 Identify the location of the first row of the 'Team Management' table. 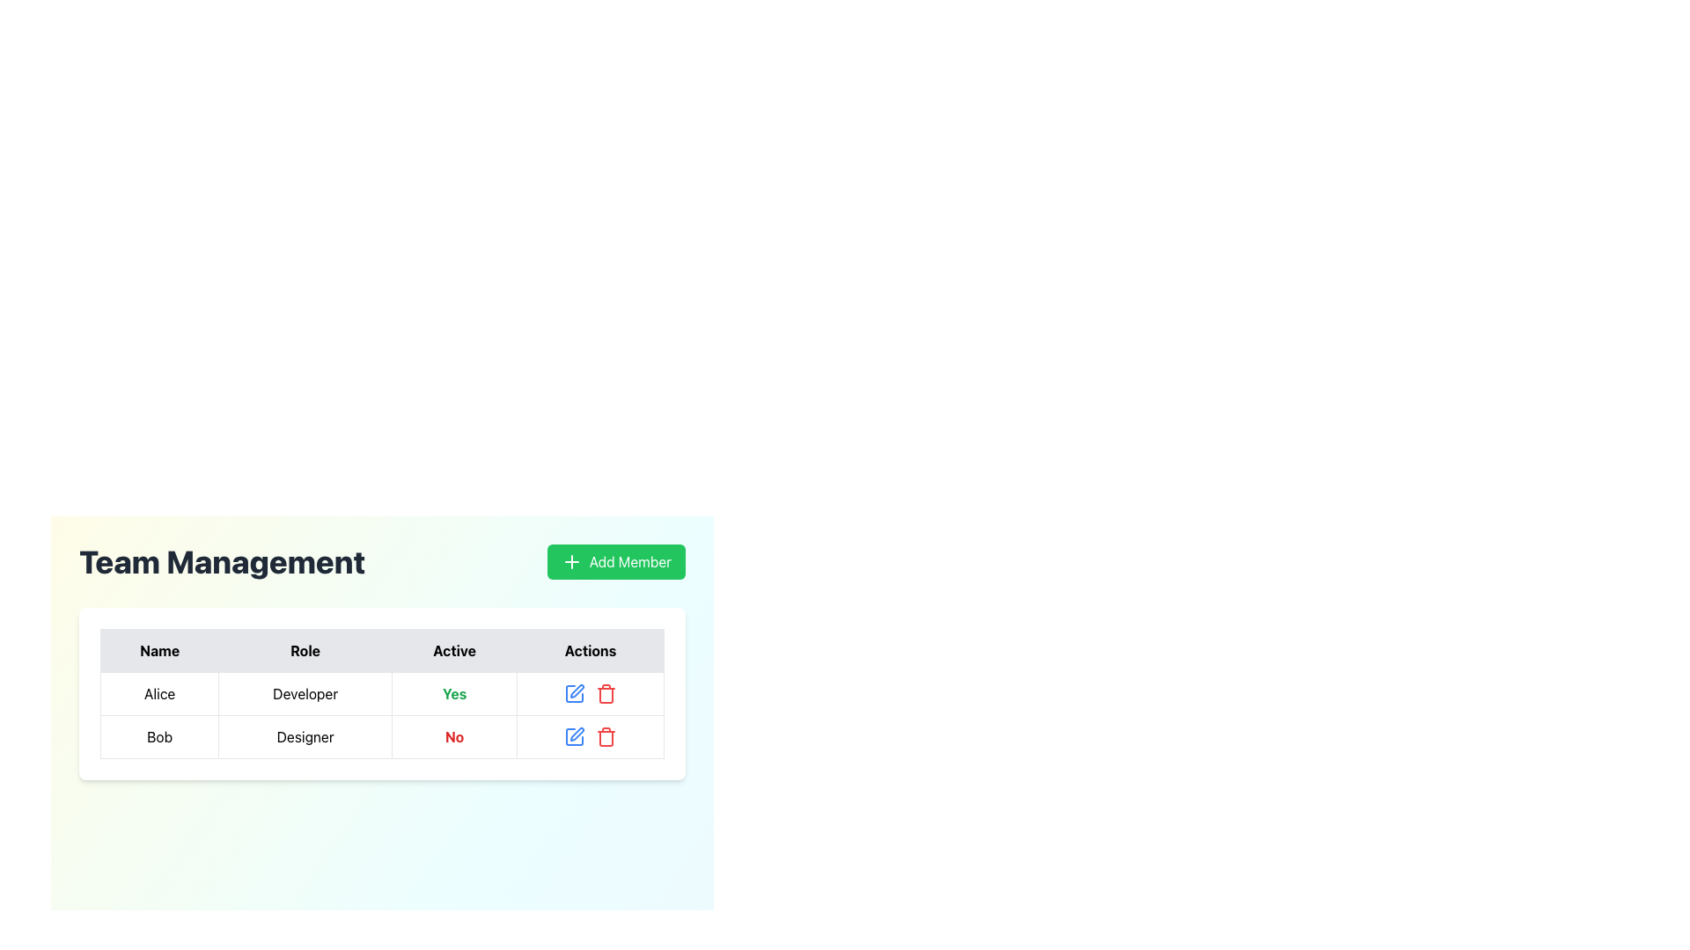
(381, 693).